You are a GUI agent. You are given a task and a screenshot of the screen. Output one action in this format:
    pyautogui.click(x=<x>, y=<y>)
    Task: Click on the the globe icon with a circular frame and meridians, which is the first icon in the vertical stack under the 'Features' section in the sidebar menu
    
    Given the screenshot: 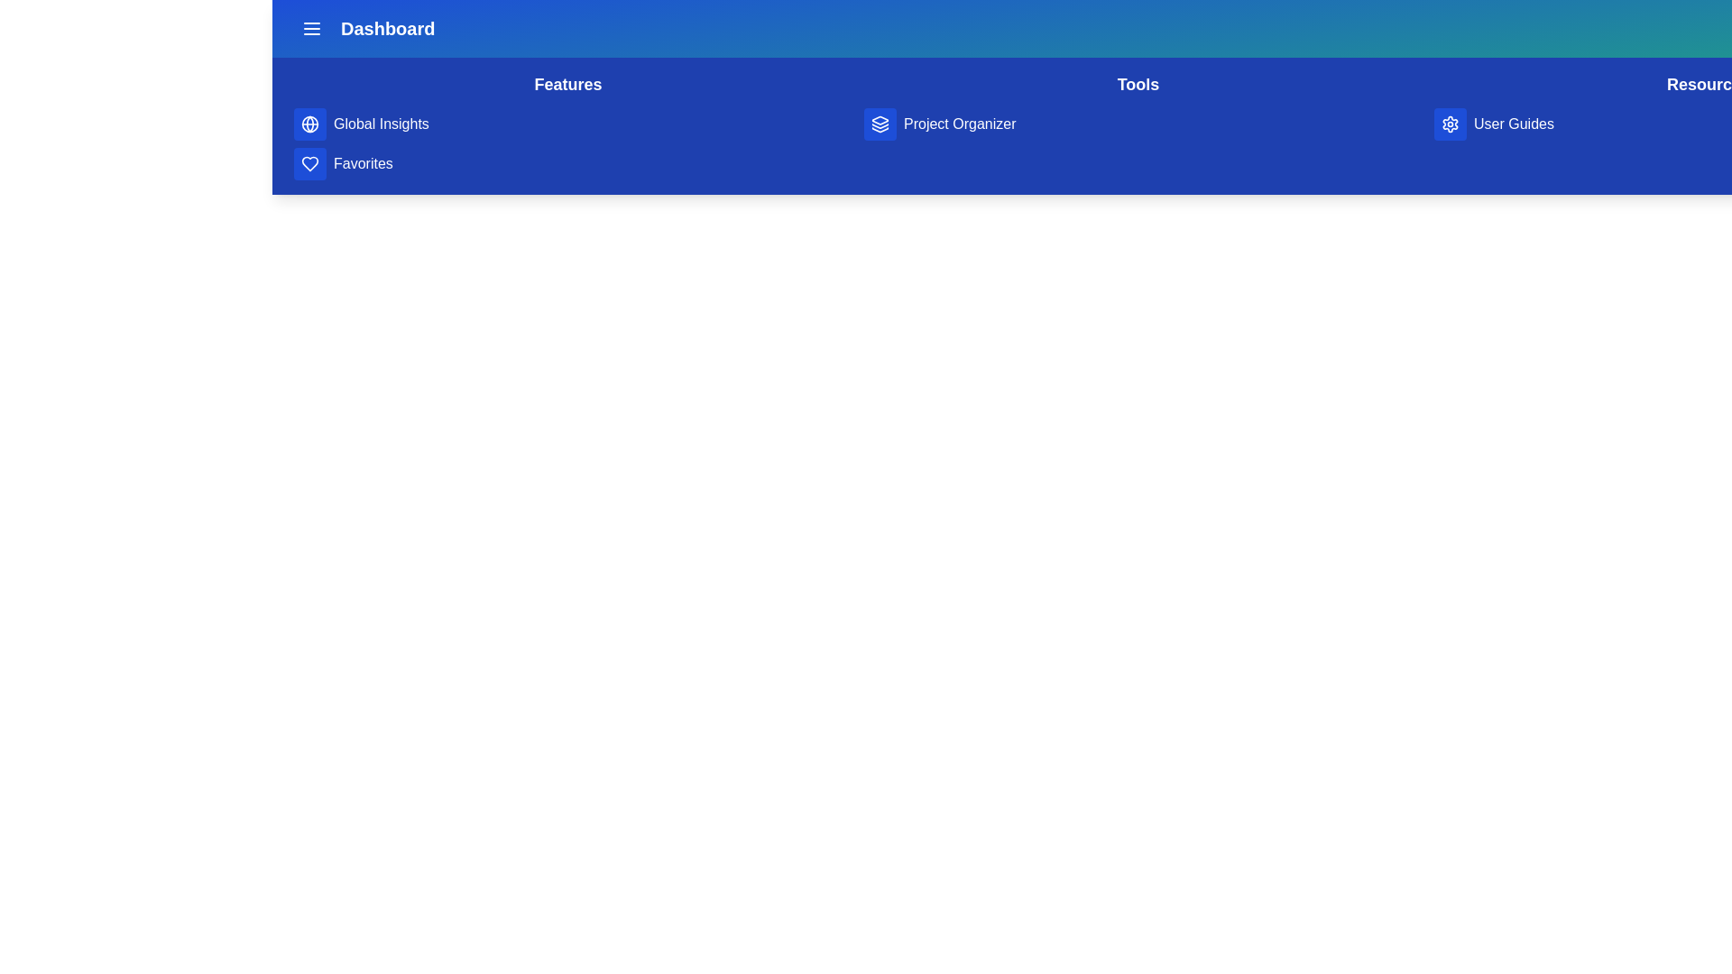 What is the action you would take?
    pyautogui.click(x=310, y=124)
    